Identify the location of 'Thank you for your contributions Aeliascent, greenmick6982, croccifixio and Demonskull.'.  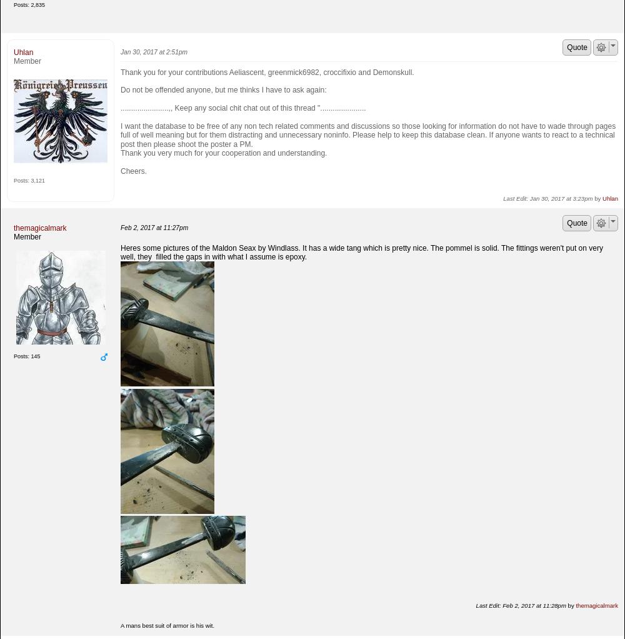
(267, 71).